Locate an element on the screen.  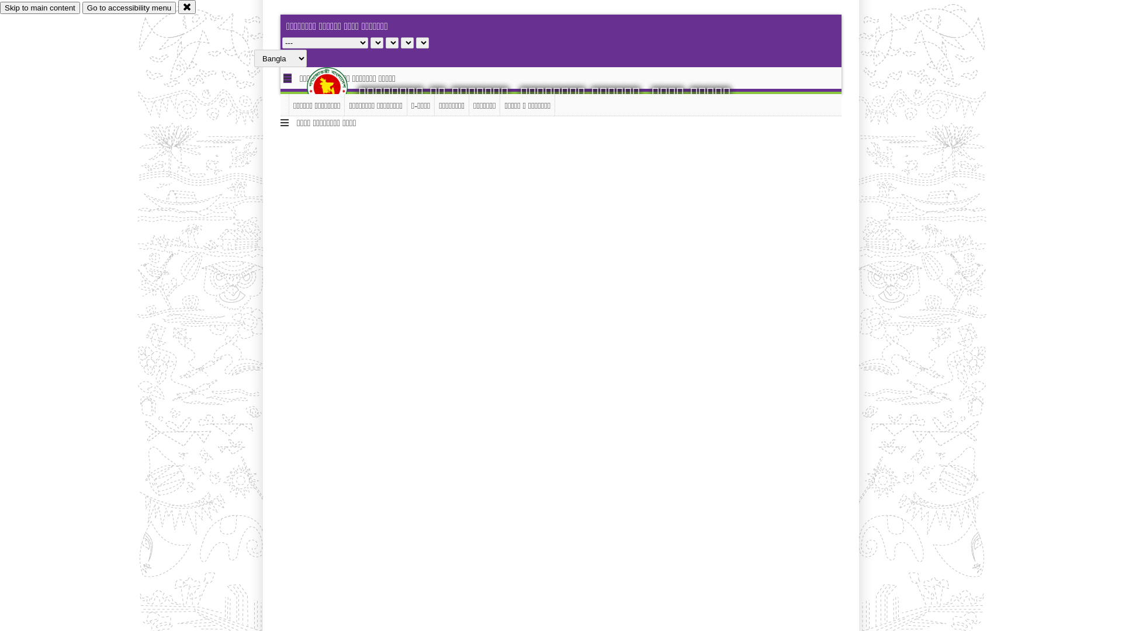
' is located at coordinates (336, 86).